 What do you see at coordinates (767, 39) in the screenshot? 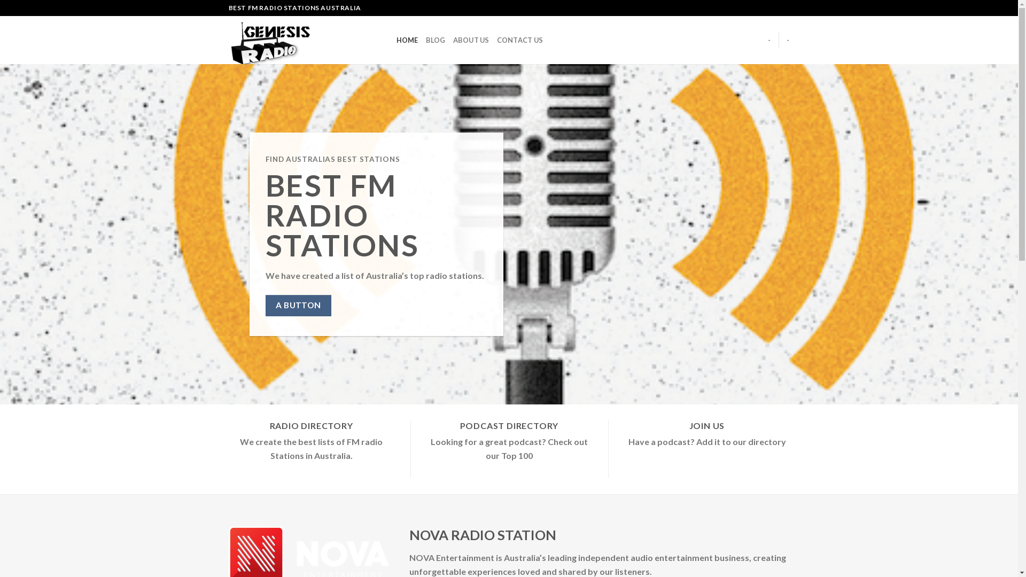
I see `'-'` at bounding box center [767, 39].